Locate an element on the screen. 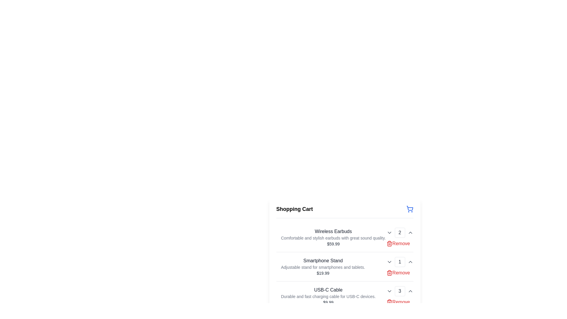  the text label that provides a description of the product 'Smartphone Stand' in the shopping cart, located below the product name and above the price label '$19.99' is located at coordinates (323, 267).